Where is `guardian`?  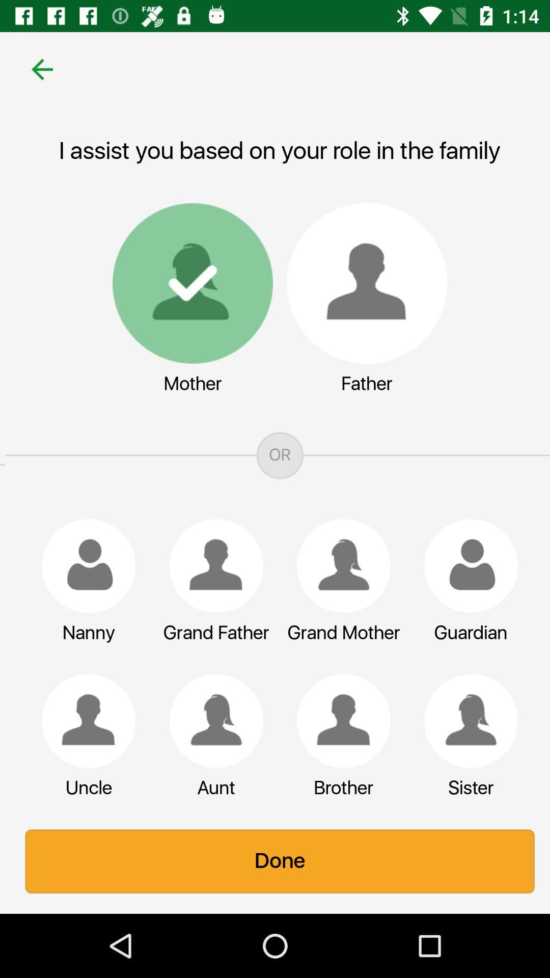
guardian is located at coordinates (466, 565).